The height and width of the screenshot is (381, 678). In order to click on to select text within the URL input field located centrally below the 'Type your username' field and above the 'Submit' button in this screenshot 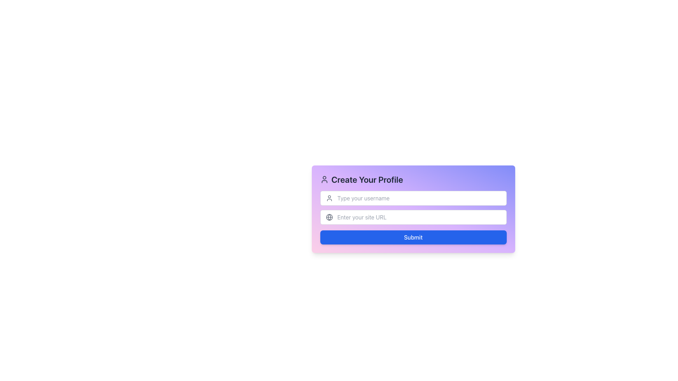, I will do `click(413, 217)`.